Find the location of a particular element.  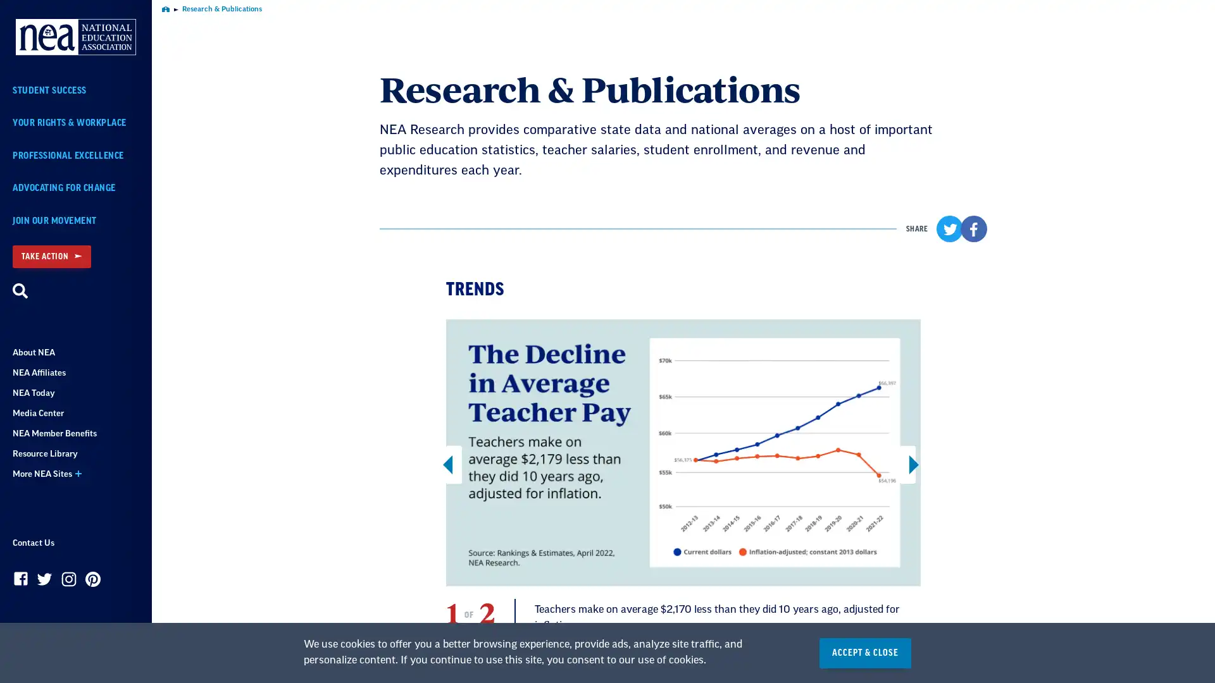

More NEA Sites is located at coordinates (75, 474).